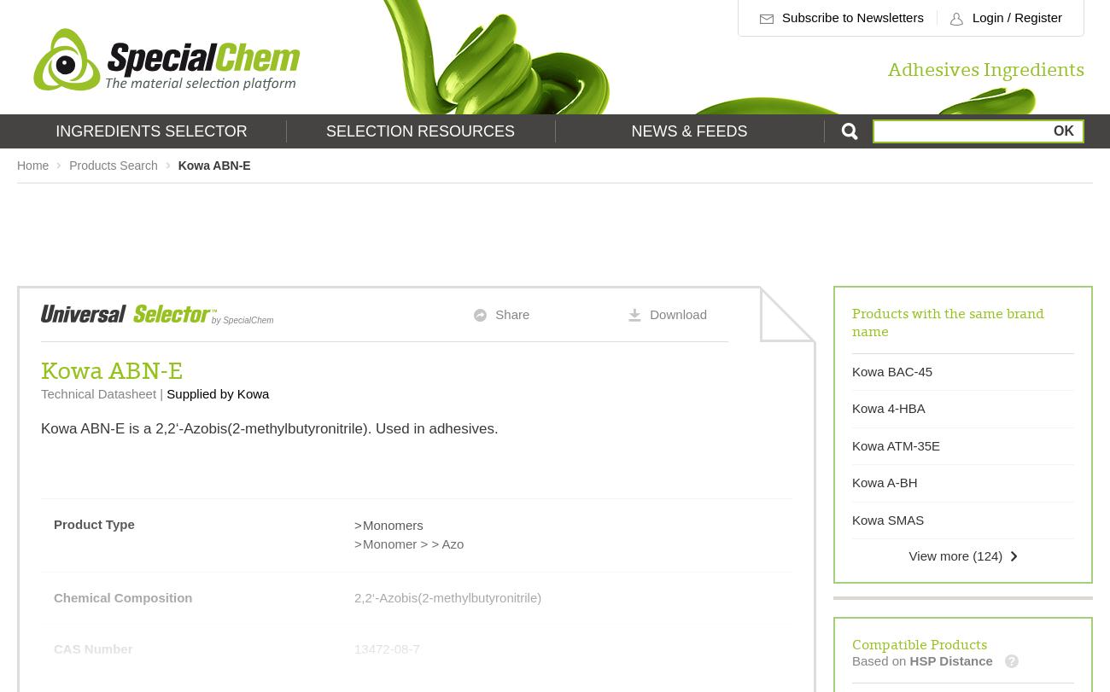 The width and height of the screenshot is (1110, 692). I want to click on 'Adhesives Ingredients', so click(986, 69).